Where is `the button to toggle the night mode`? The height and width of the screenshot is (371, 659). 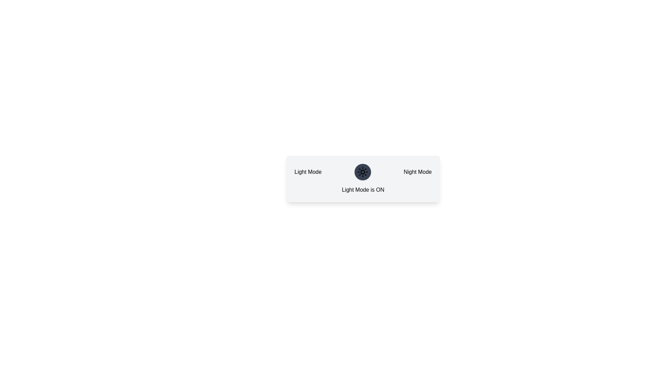
the button to toggle the night mode is located at coordinates (362, 172).